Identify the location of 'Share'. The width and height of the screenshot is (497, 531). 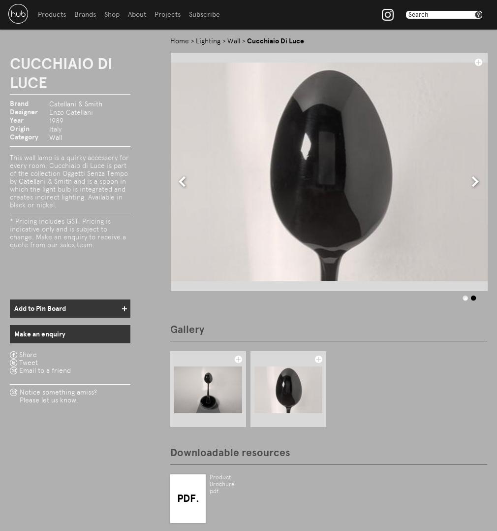
(27, 354).